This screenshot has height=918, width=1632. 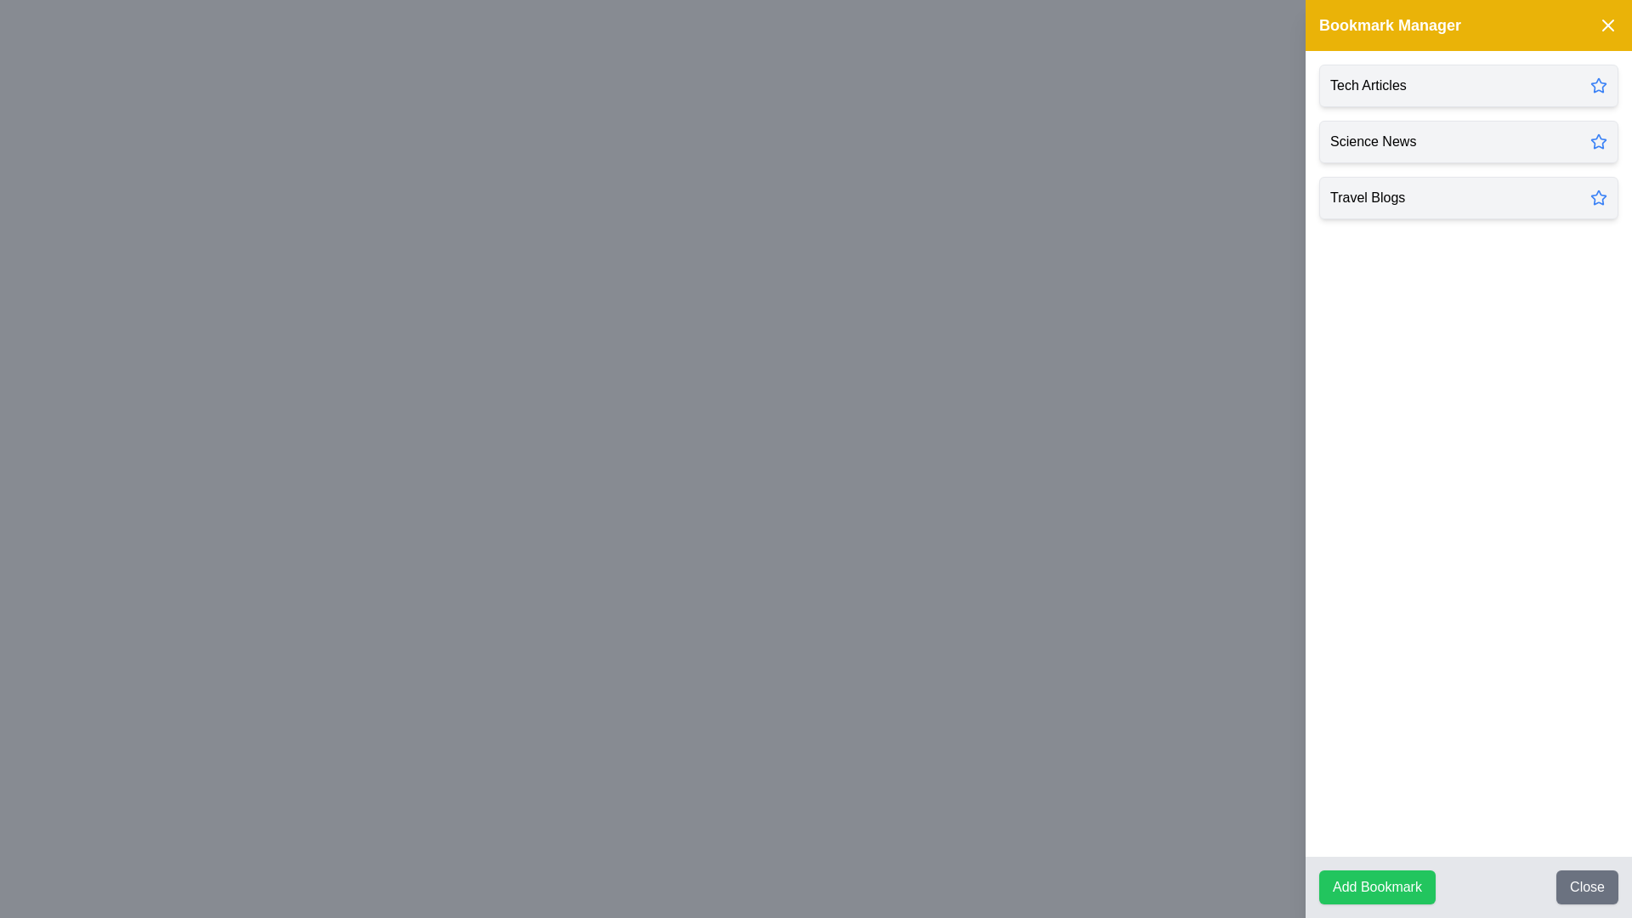 I want to click on the star-shaped icon with a blue outline and white-filled center, so click(x=1598, y=140).